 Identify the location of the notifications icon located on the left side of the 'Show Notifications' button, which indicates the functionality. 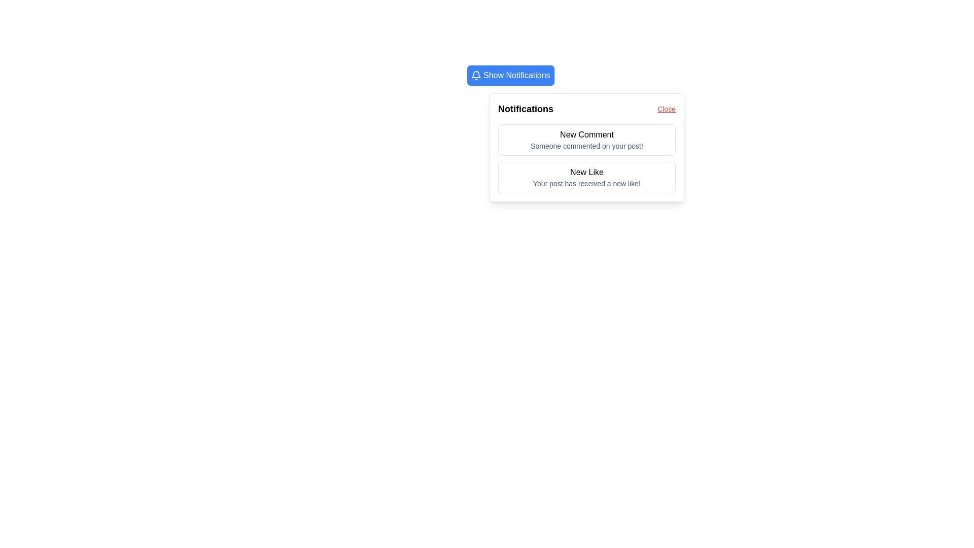
(476, 75).